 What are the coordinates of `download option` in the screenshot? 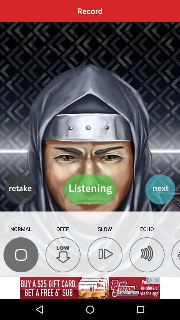 It's located at (63, 254).